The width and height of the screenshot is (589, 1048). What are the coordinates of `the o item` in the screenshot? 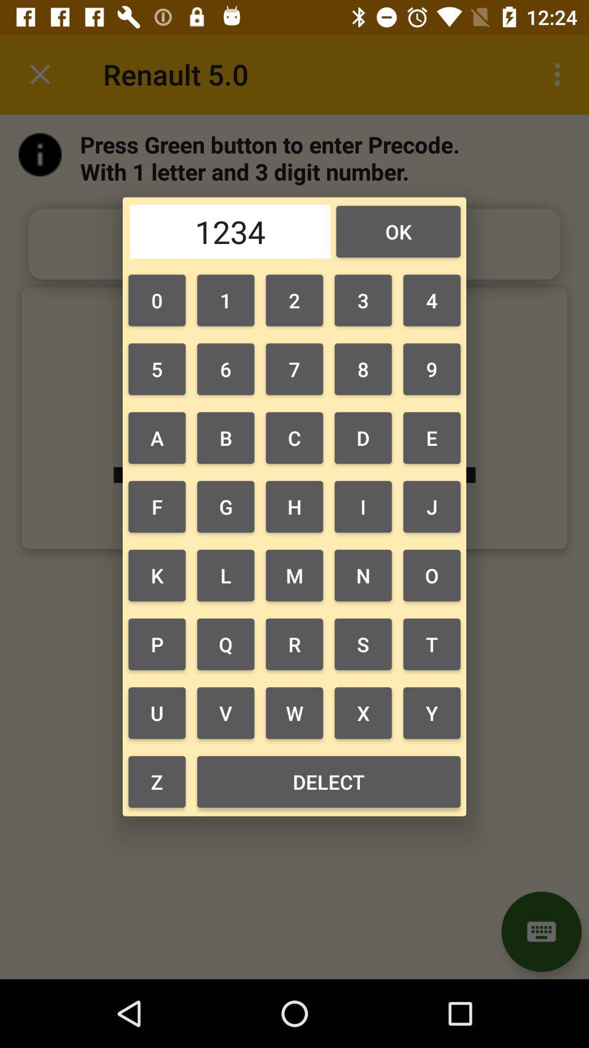 It's located at (431, 575).